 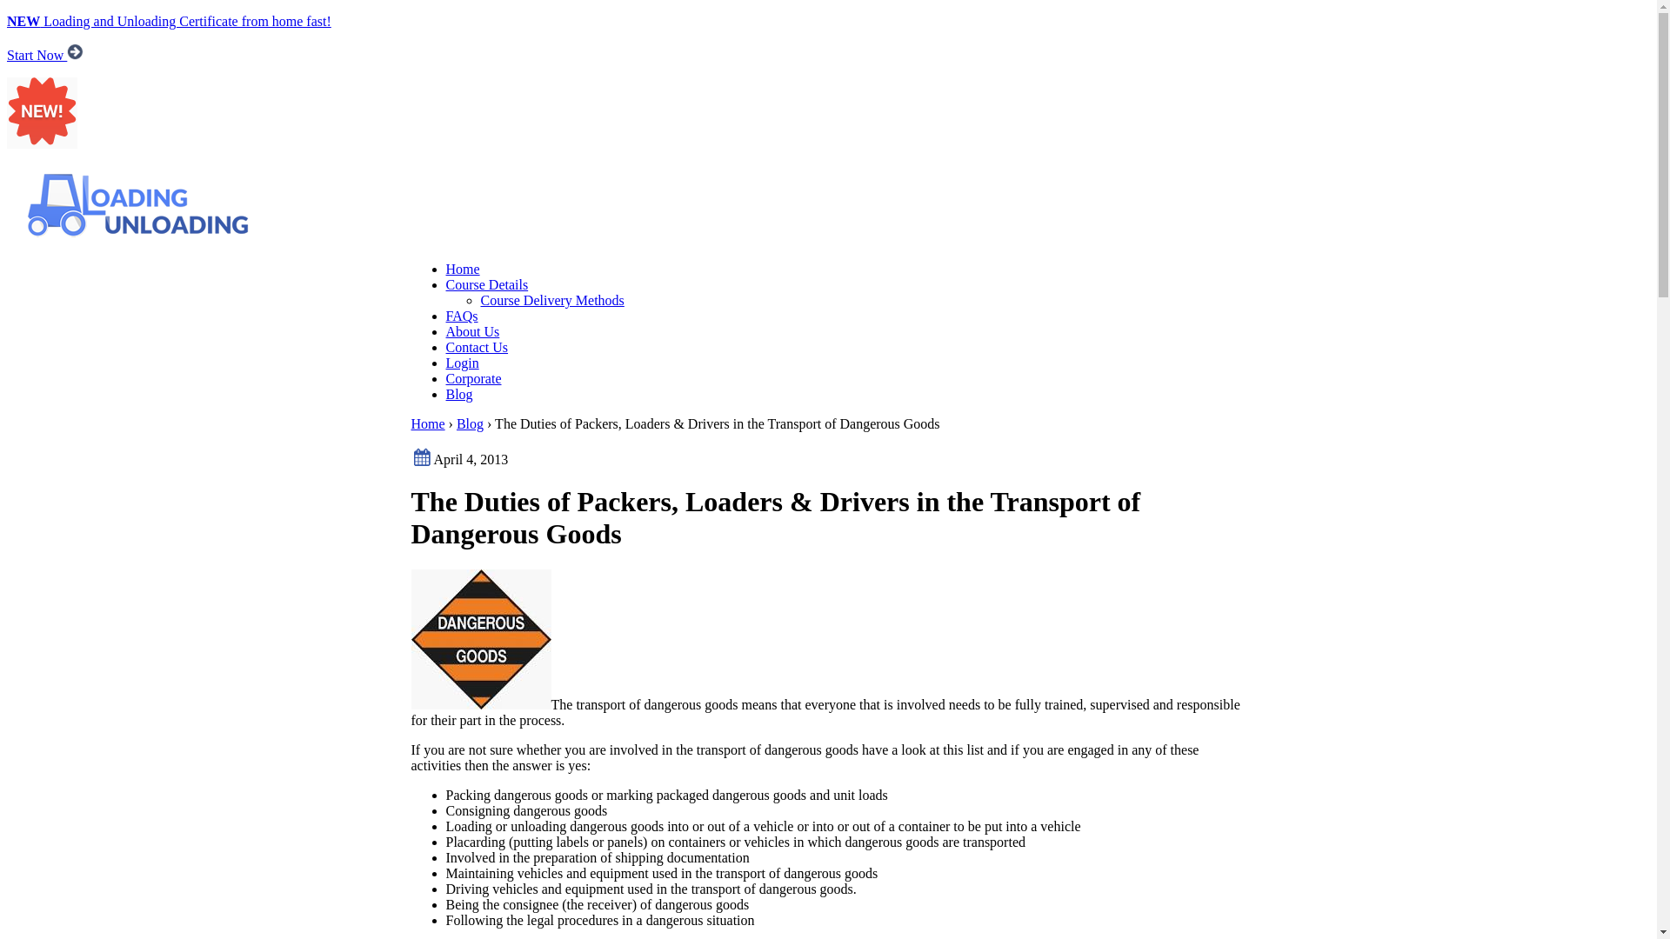 What do you see at coordinates (486, 283) in the screenshot?
I see `'Course Details'` at bounding box center [486, 283].